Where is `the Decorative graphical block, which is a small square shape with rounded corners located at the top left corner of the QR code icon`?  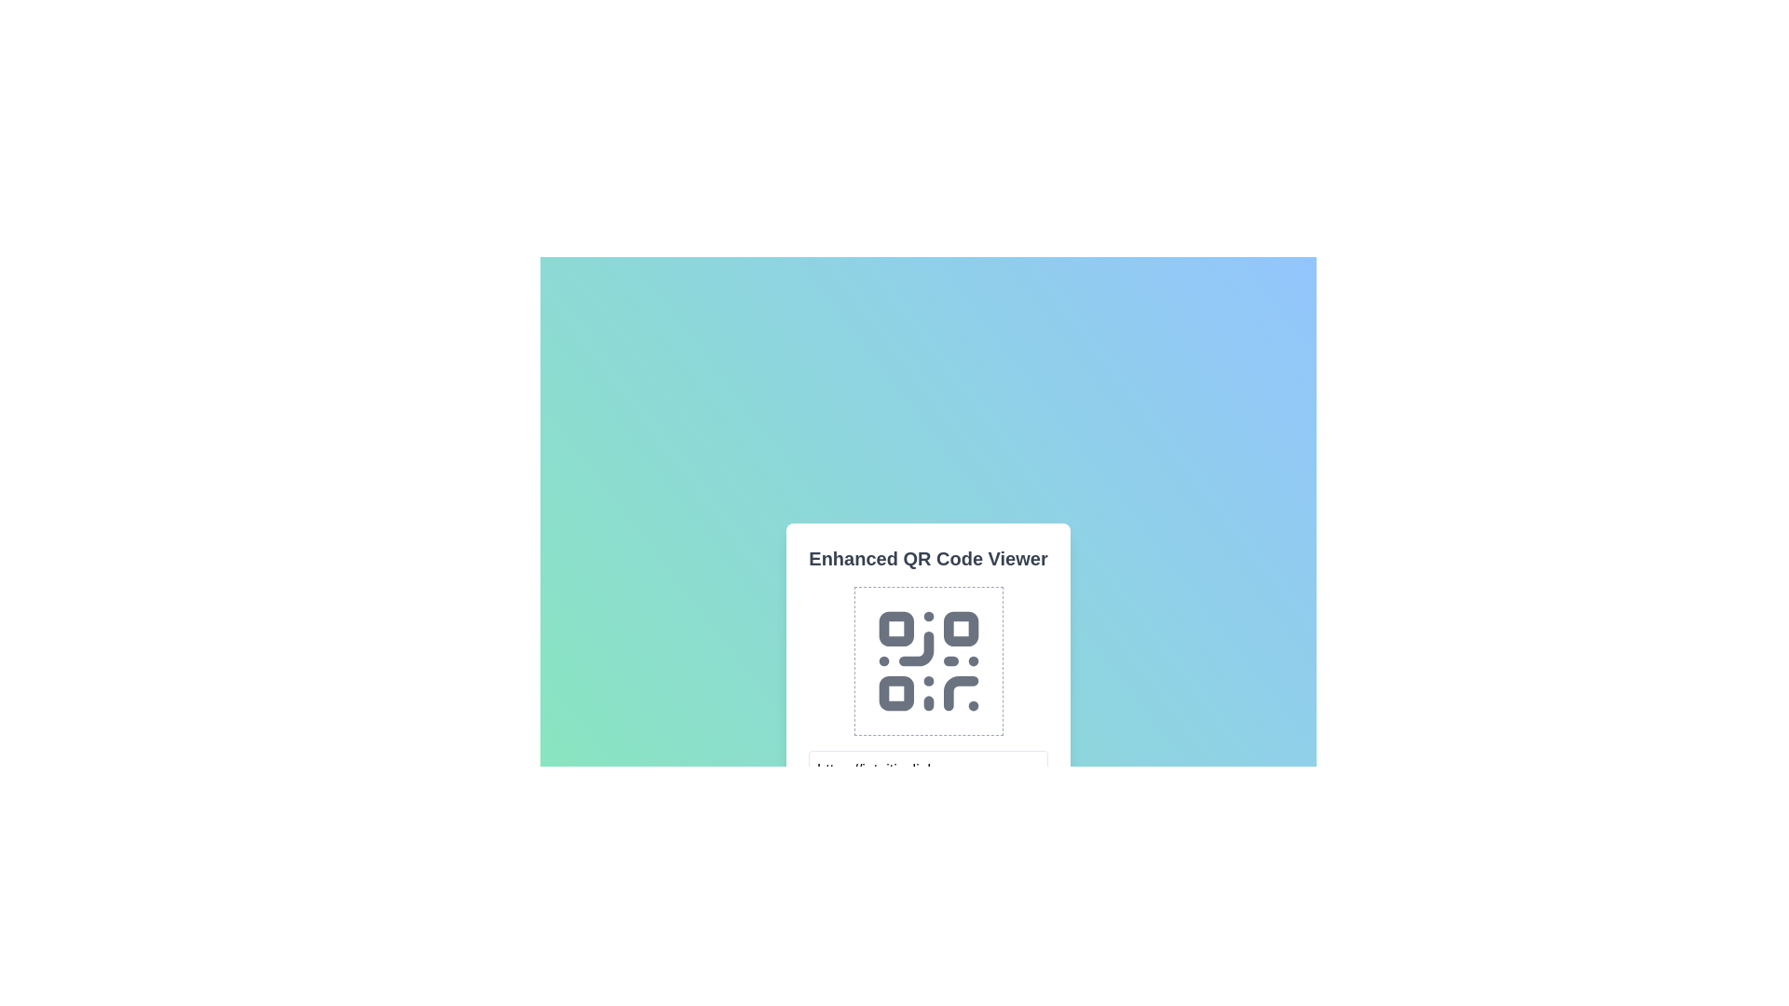 the Decorative graphical block, which is a small square shape with rounded corners located at the top left corner of the QR code icon is located at coordinates (895, 629).